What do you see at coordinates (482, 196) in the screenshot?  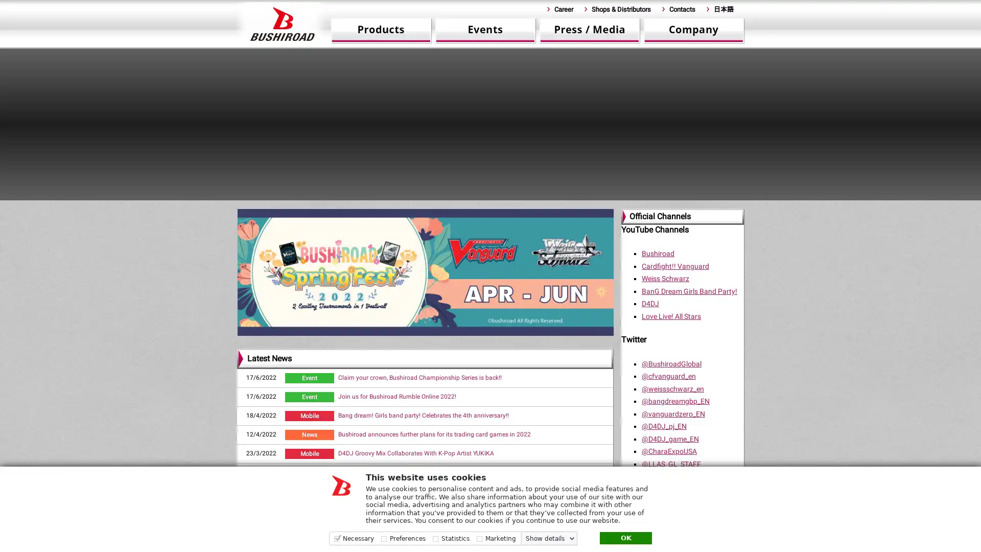 I see `8` at bounding box center [482, 196].